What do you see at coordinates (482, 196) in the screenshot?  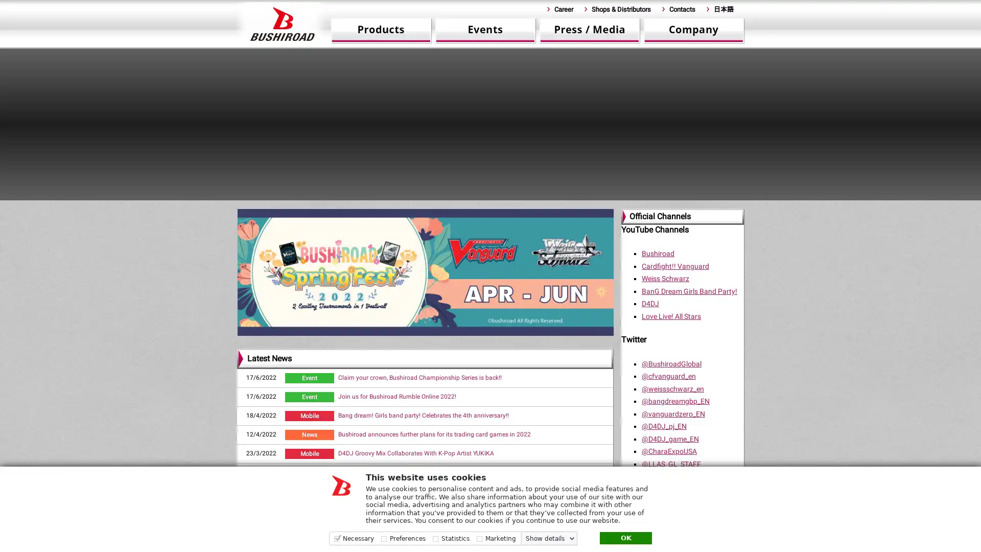 I see `8` at bounding box center [482, 196].